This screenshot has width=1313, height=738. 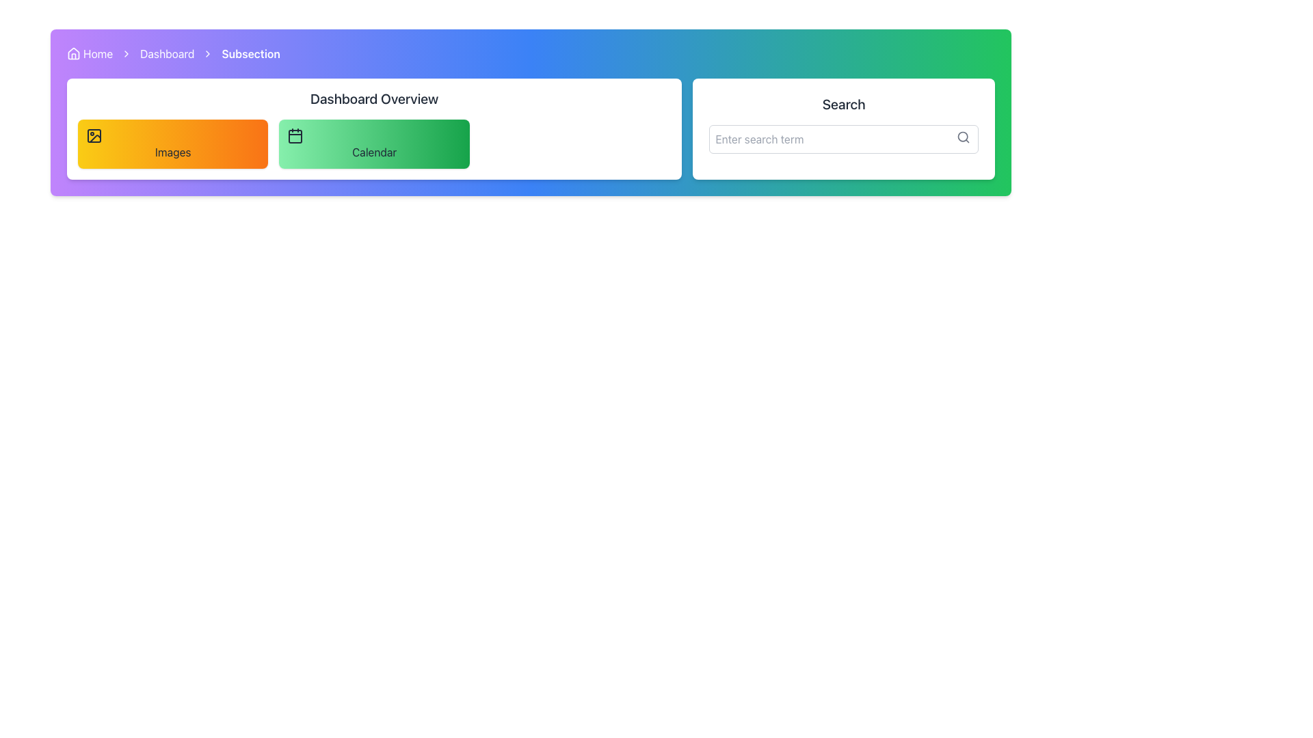 I want to click on the 'Home' navigational link with an adjacent house icon in the breadcrumb navigation bar, so click(x=89, y=53).